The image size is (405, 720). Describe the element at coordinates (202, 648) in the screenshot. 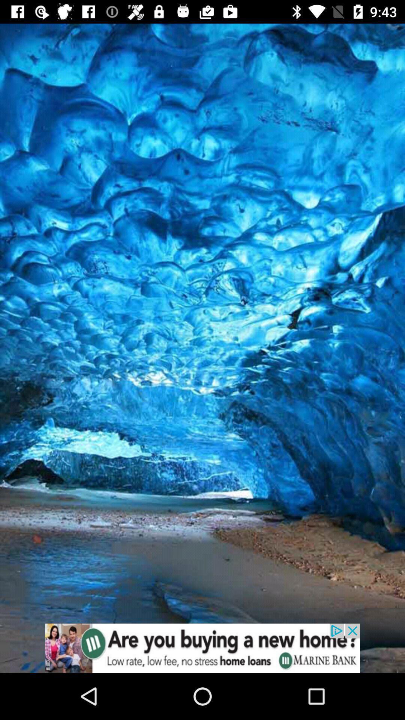

I see `share the article` at that location.